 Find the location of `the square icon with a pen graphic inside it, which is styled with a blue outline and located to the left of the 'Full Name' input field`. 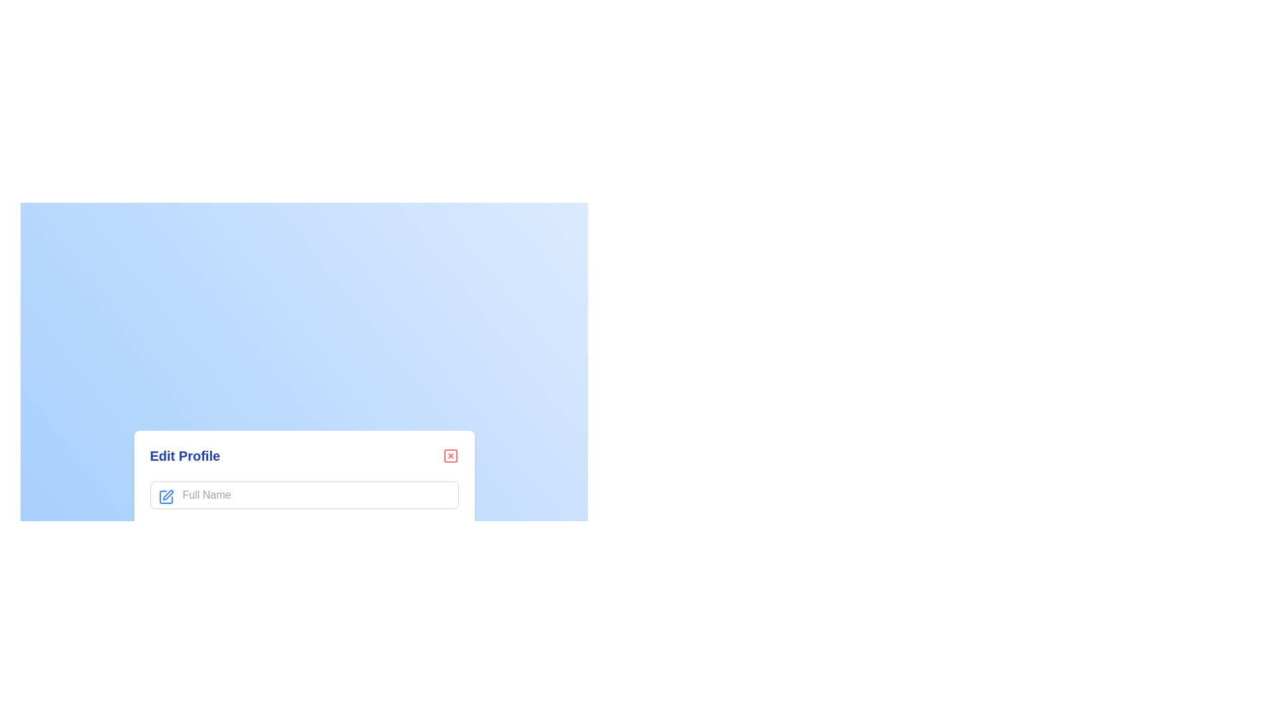

the square icon with a pen graphic inside it, which is styled with a blue outline and located to the left of the 'Full Name' input field is located at coordinates (165, 497).